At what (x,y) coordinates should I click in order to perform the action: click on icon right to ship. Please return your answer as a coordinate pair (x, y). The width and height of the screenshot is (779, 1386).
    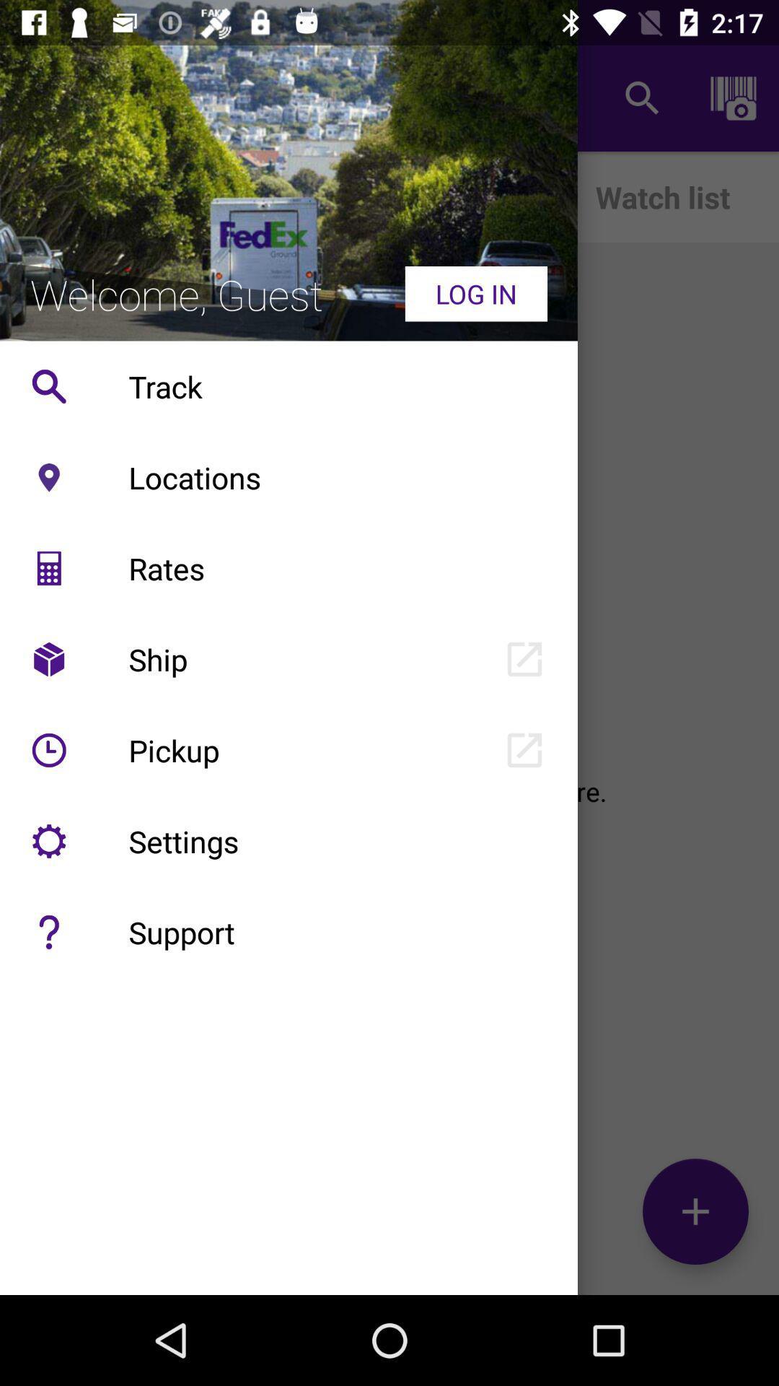
    Looking at the image, I should click on (524, 658).